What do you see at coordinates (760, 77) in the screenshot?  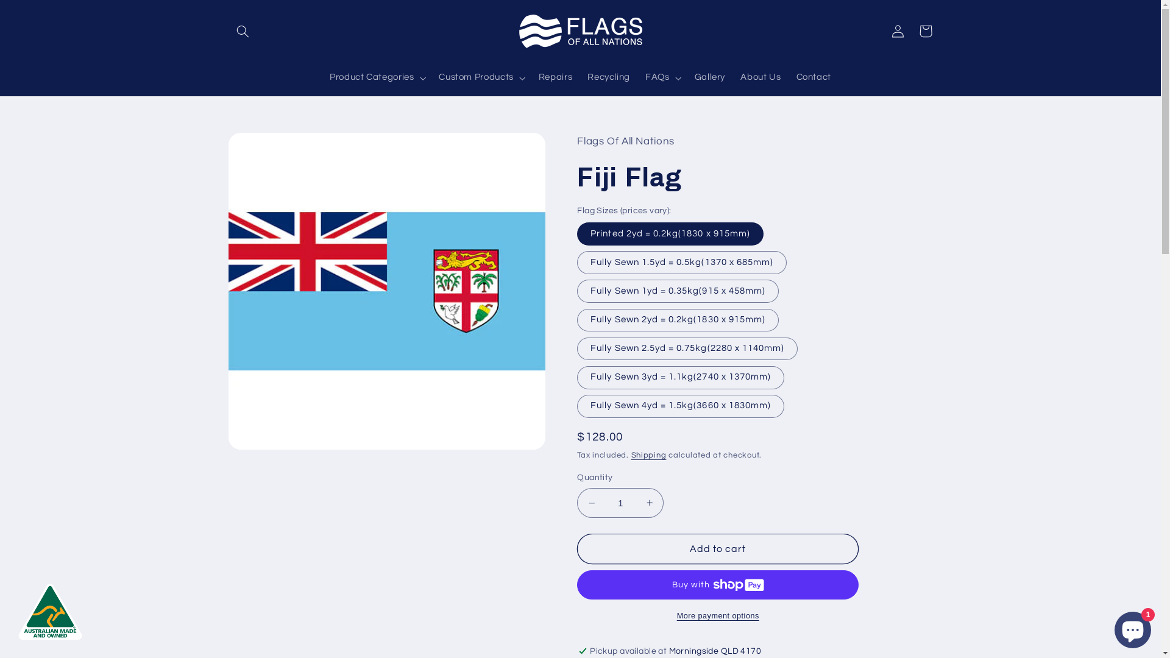 I see `'About Us'` at bounding box center [760, 77].